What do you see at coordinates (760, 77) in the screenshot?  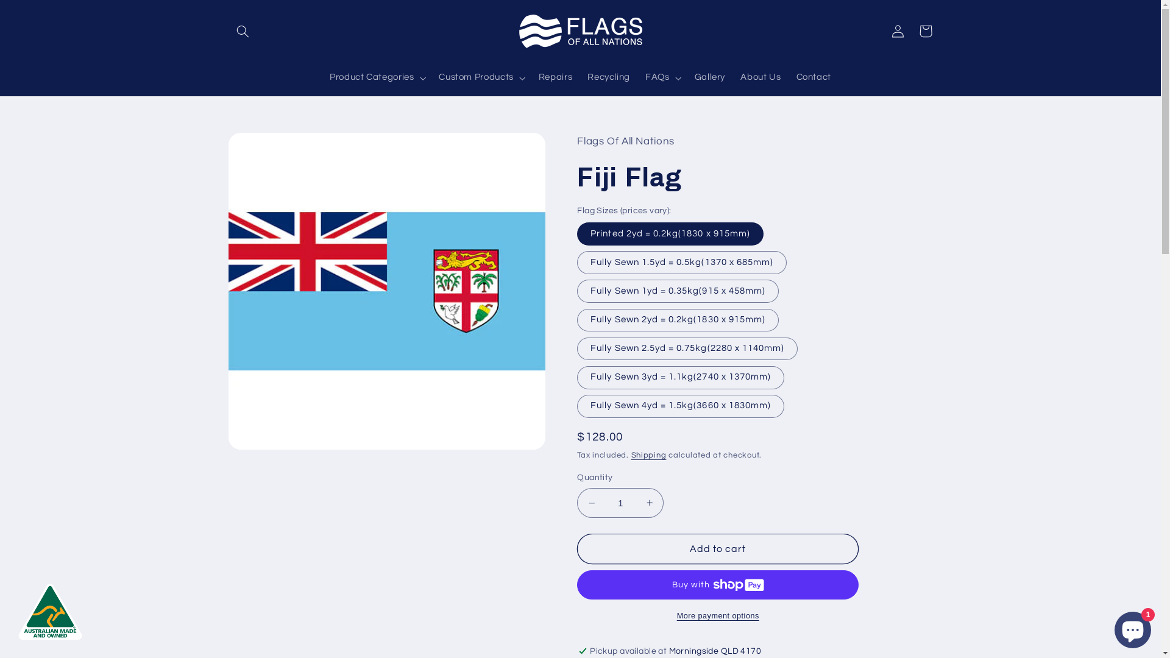 I see `'About Us'` at bounding box center [760, 77].